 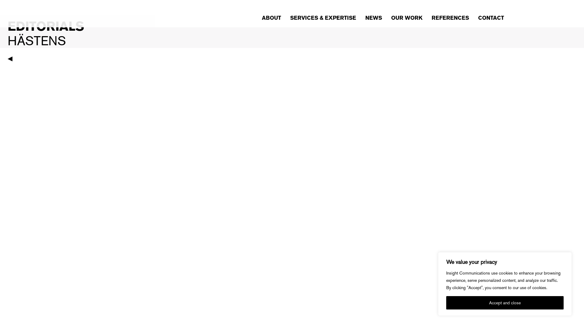 What do you see at coordinates (391, 19) in the screenshot?
I see `'OUR WORK'` at bounding box center [391, 19].